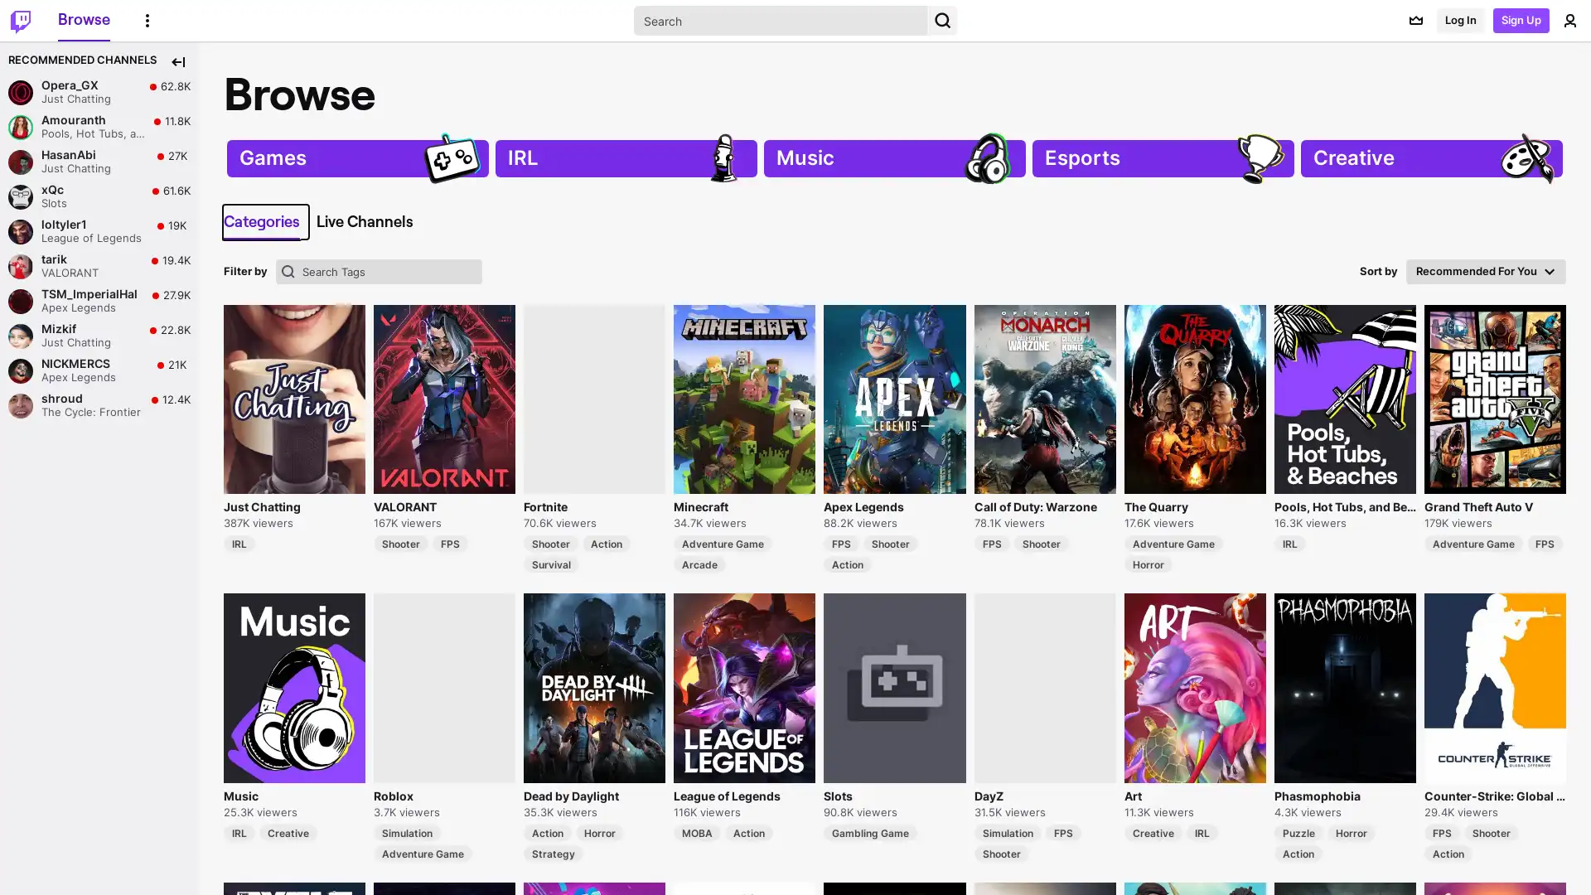 This screenshot has height=895, width=1591. I want to click on Action, so click(747, 833).